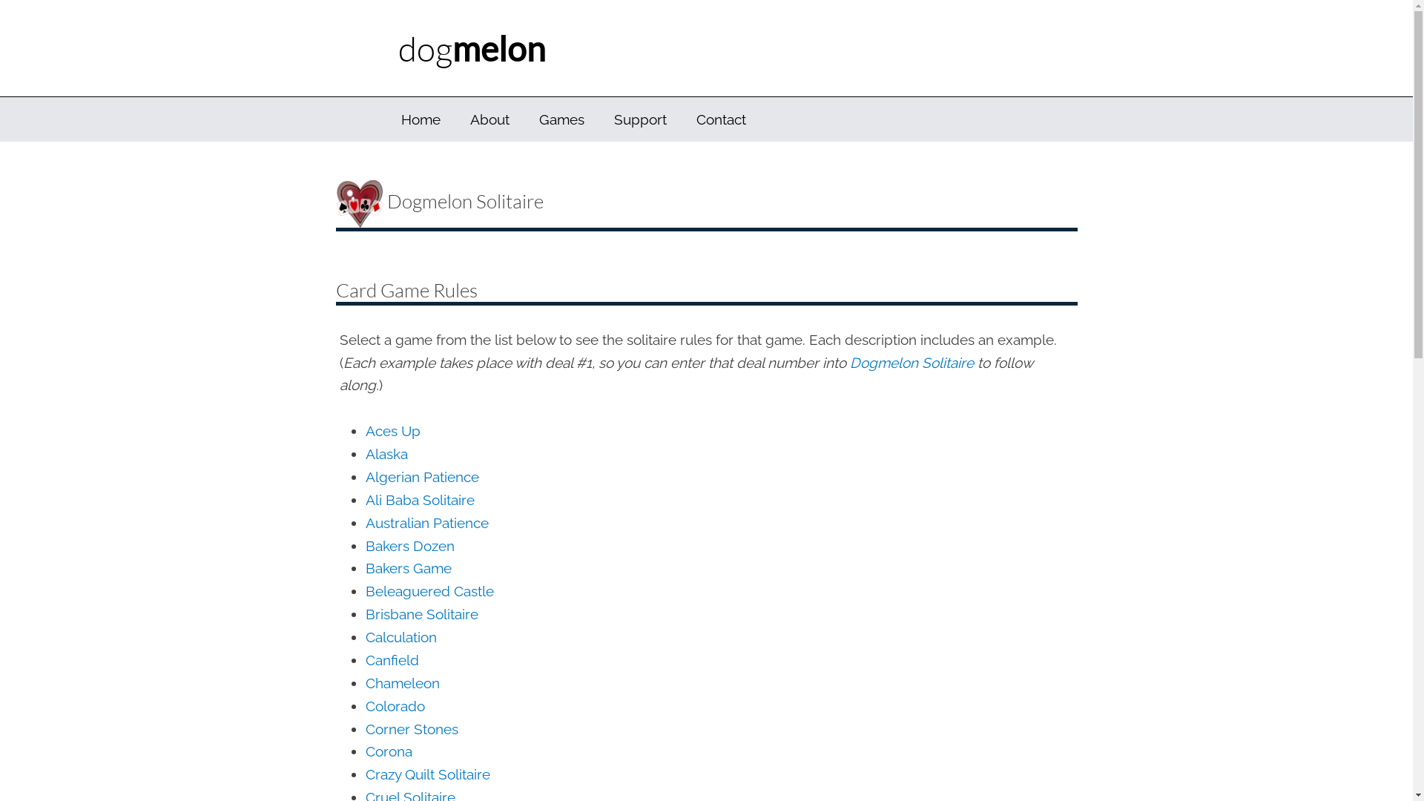  What do you see at coordinates (418, 500) in the screenshot?
I see `'Ali Baba Solitaire'` at bounding box center [418, 500].